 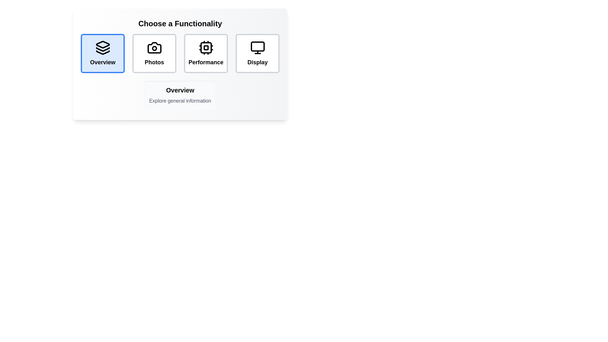 I want to click on the graphical circle element that symbolizes the lens within the camera icon in the 'Photos' functional options, located as the second option from the left in the top row, so click(x=154, y=48).